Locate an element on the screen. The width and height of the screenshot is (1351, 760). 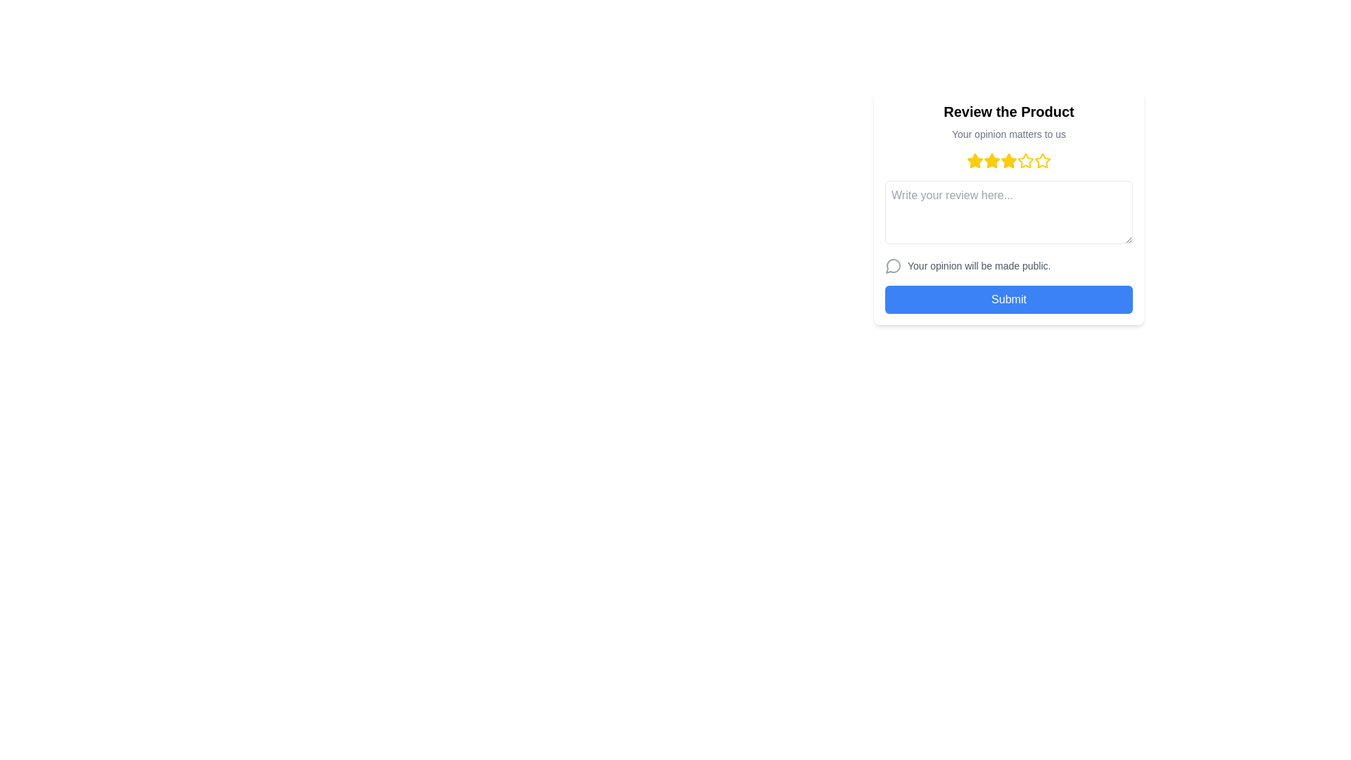
the first interactive star icon is located at coordinates (975, 160).